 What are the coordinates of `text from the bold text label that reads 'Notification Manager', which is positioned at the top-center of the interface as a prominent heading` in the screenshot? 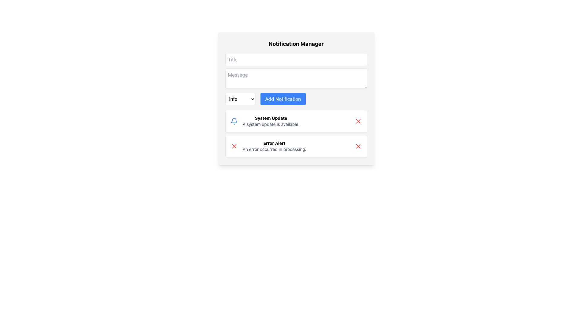 It's located at (296, 43).